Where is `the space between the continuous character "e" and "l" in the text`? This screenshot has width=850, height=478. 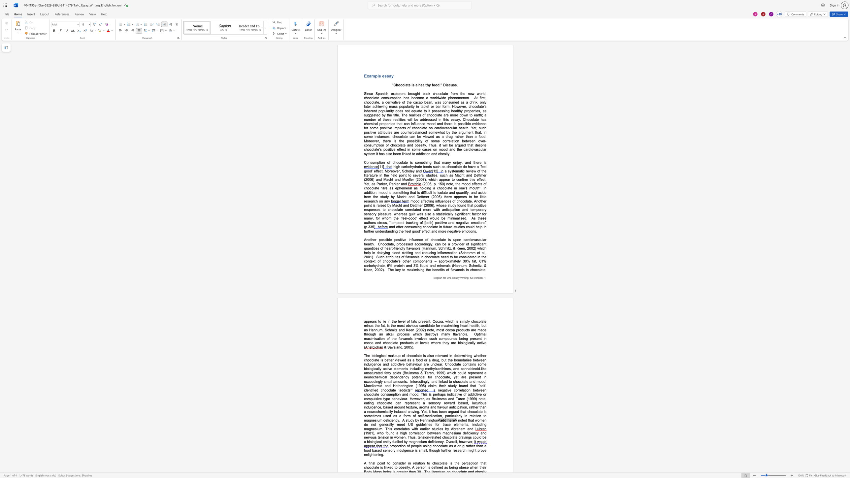 the space between the continuous character "e" and "l" in the text is located at coordinates (404, 321).